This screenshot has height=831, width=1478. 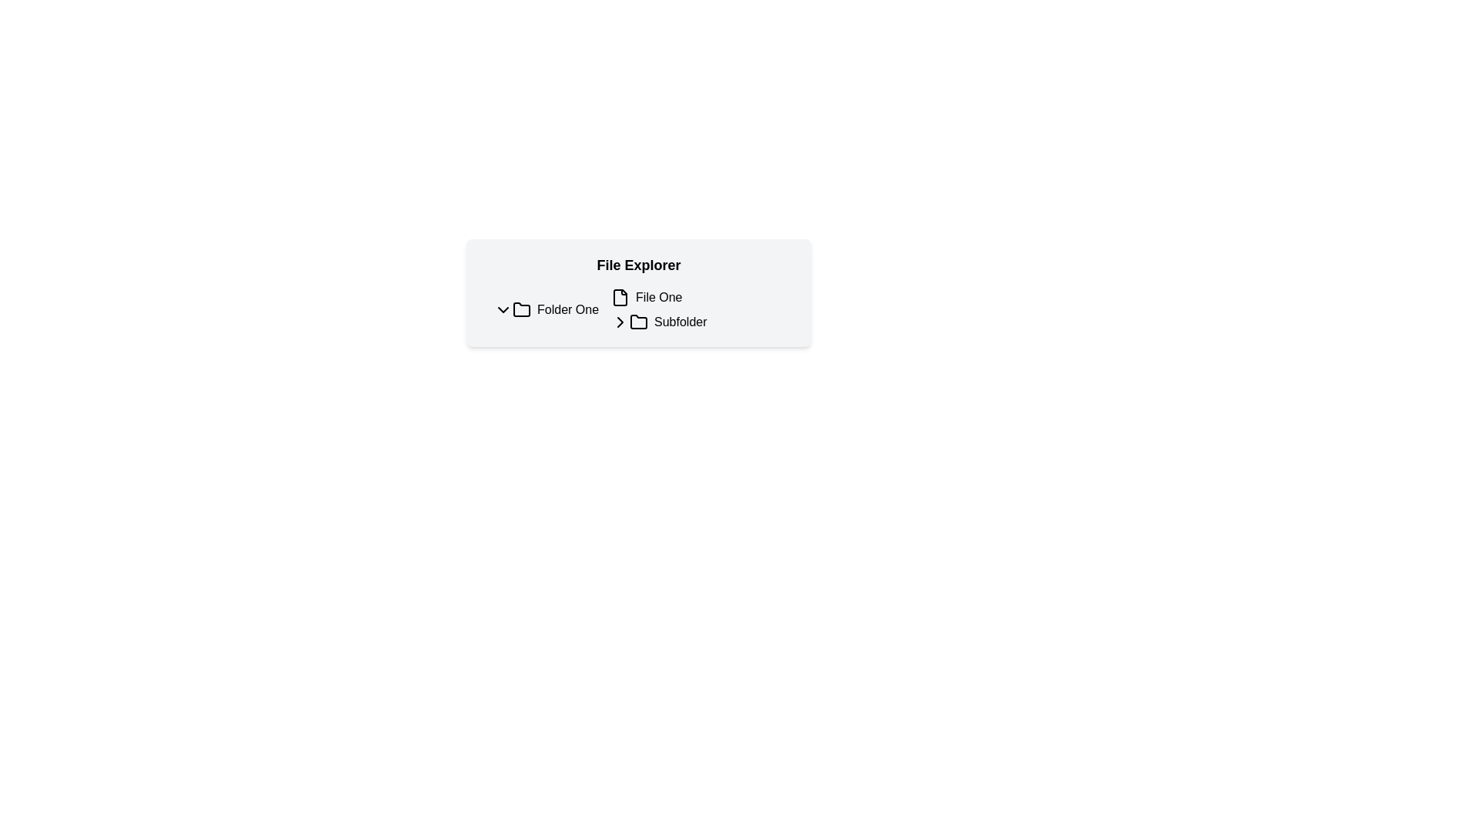 What do you see at coordinates (679, 322) in the screenshot?
I see `the 'Subfolder' text label` at bounding box center [679, 322].